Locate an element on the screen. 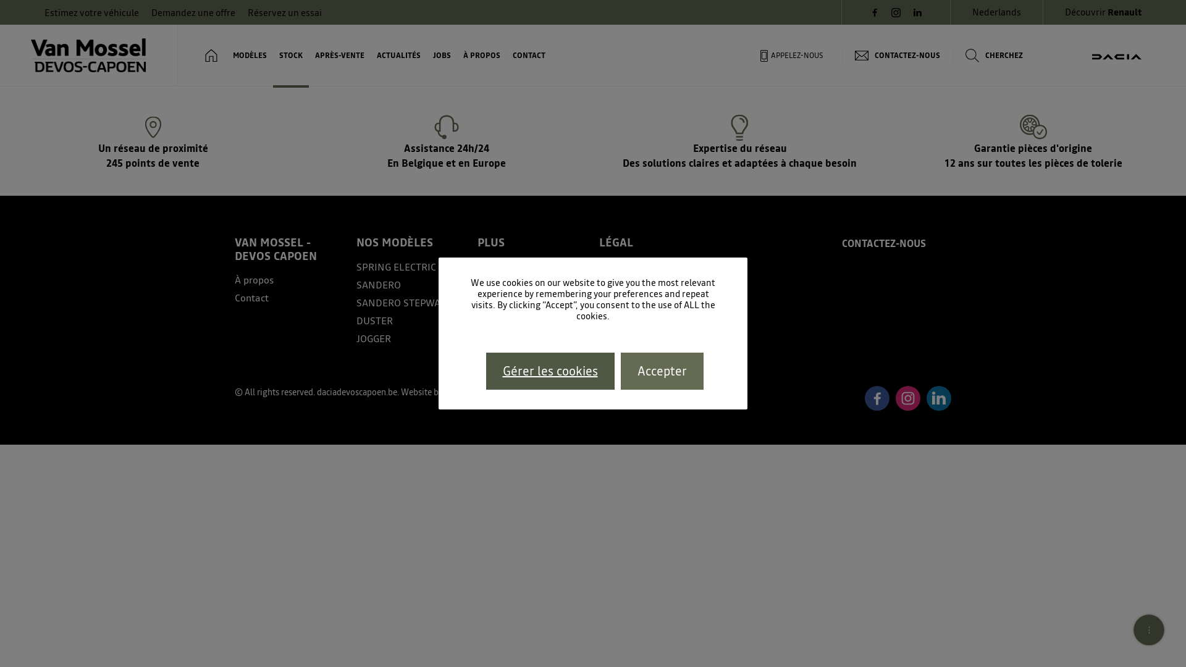 The height and width of the screenshot is (667, 1186). 'Instagram' is located at coordinates (907, 398).